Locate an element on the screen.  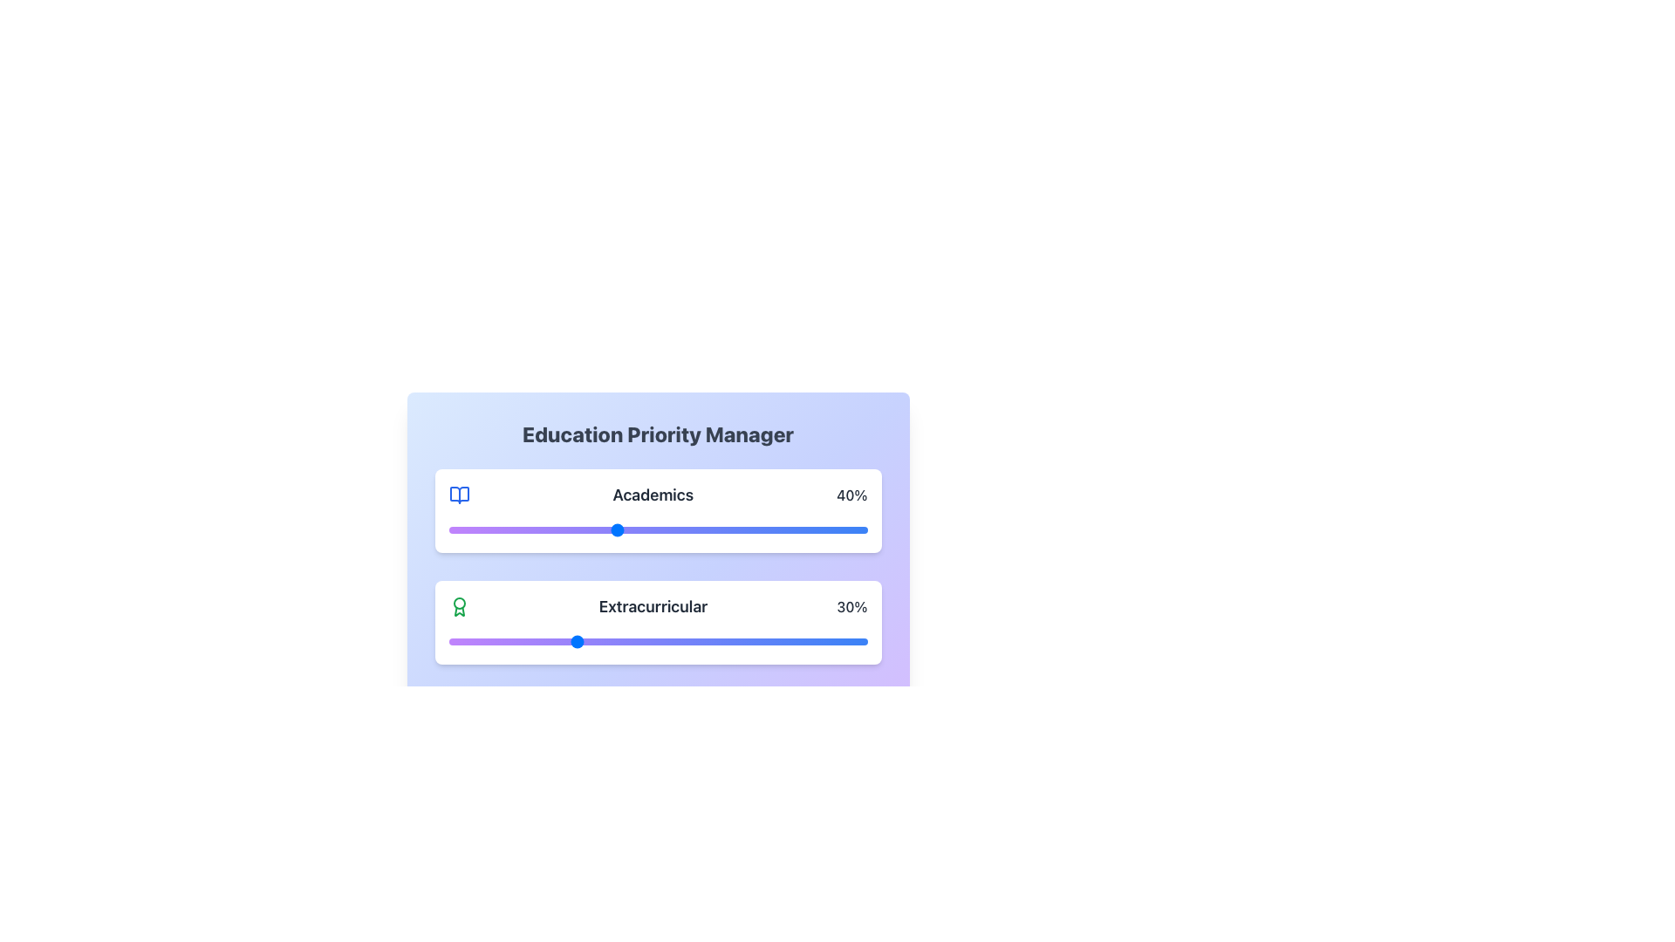
the slider value is located at coordinates (544, 529).